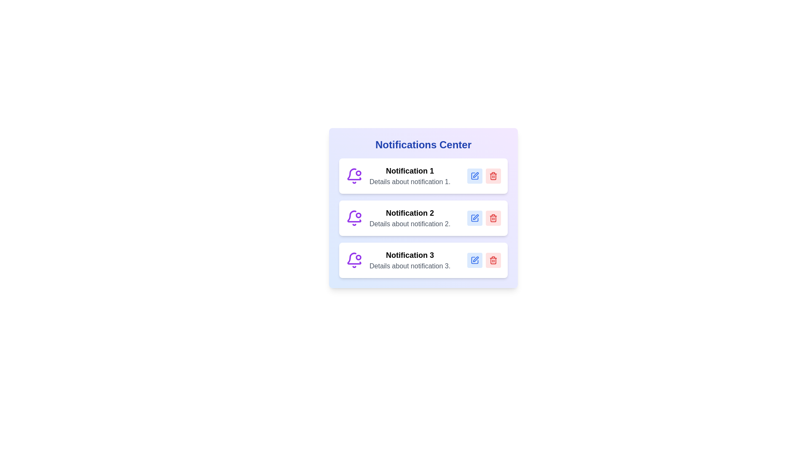 This screenshot has width=809, height=455. What do you see at coordinates (410, 254) in the screenshot?
I see `the text label displaying 'Notification 3' in bold, which is the title text of the third notification card in a vertical list of notifications` at bounding box center [410, 254].